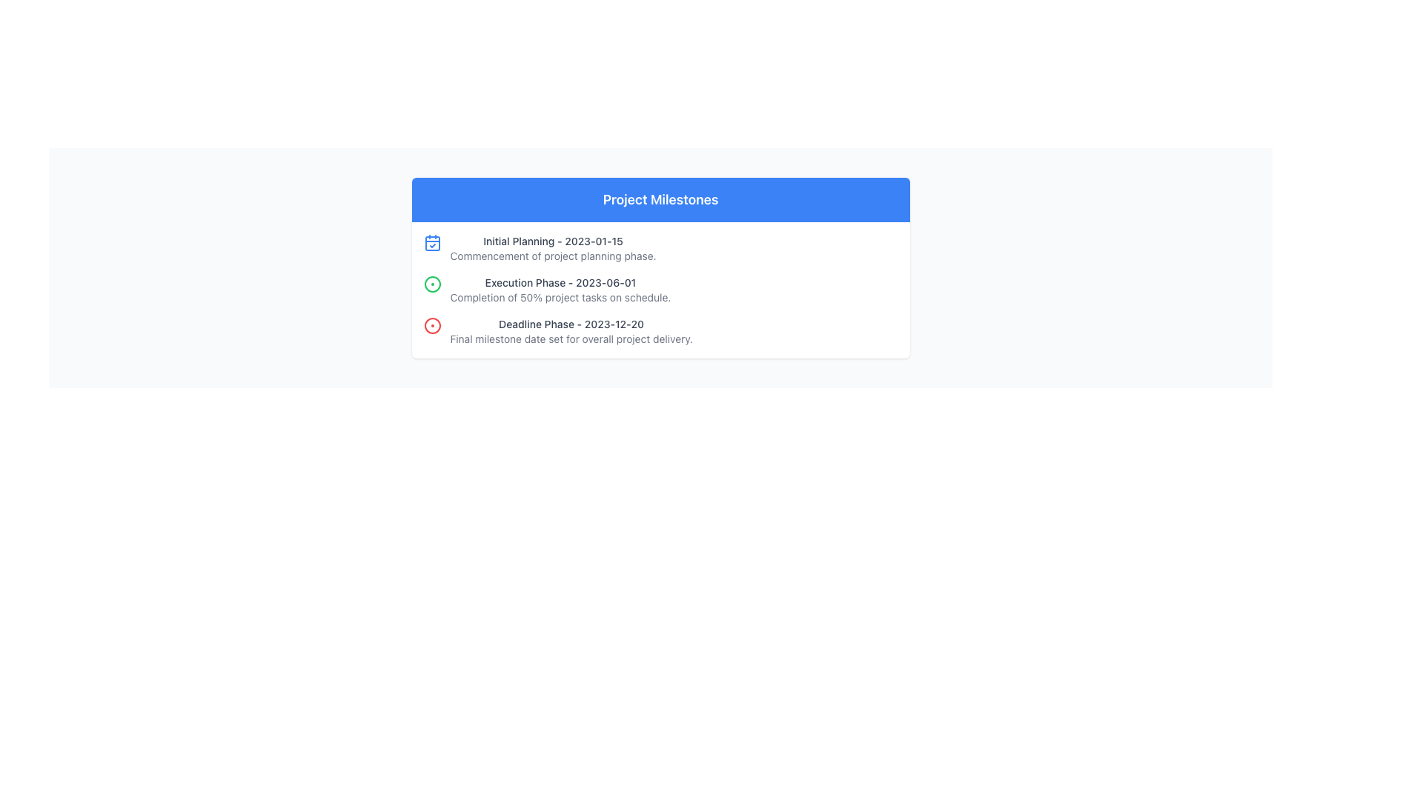 The width and height of the screenshot is (1423, 800). Describe the element at coordinates (660, 330) in the screenshot. I see `the milestone titled 'Deadline Phase - 2023-12-20' which displays its importance in the project timeline` at that location.